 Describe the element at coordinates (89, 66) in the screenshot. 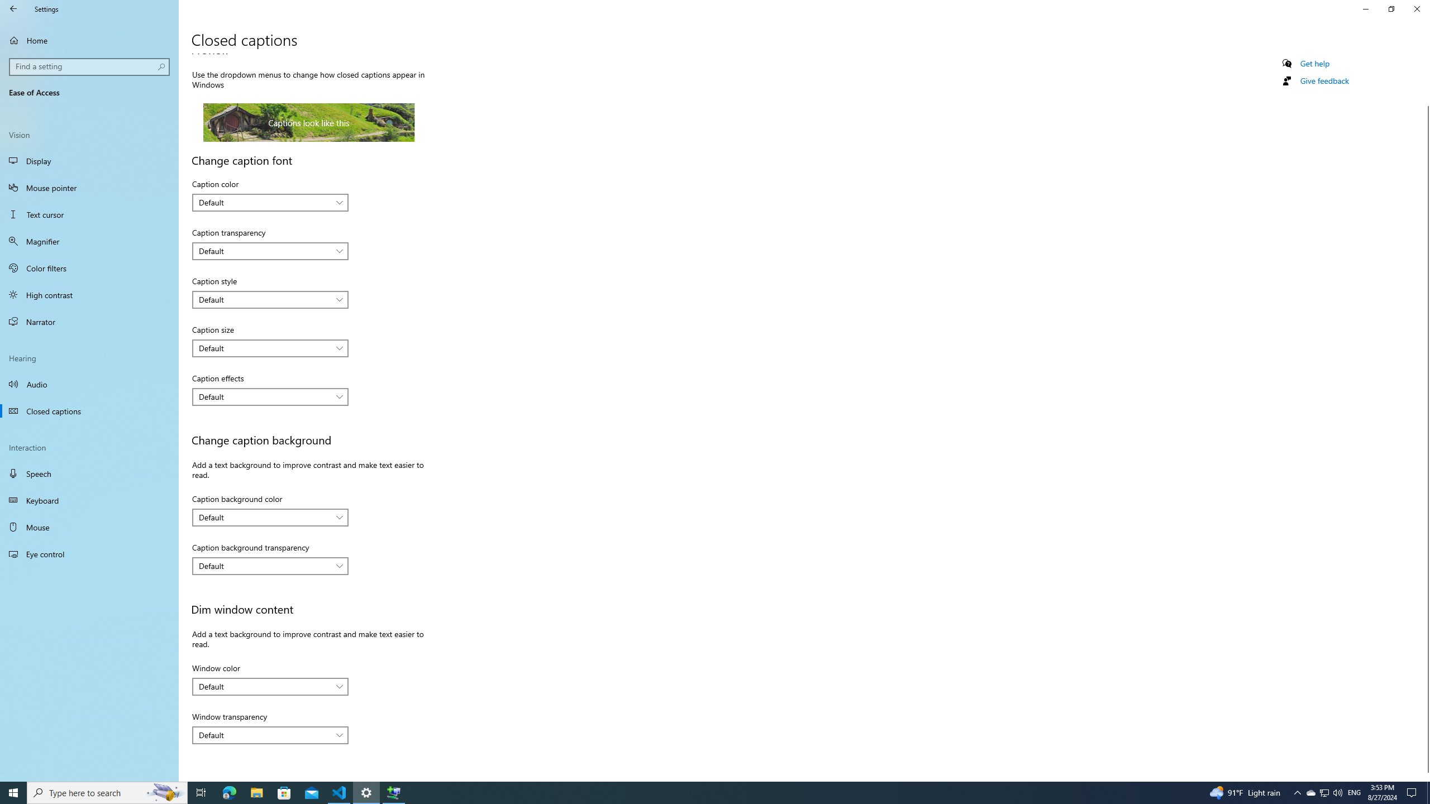

I see `'Search box, Find a setting'` at that location.